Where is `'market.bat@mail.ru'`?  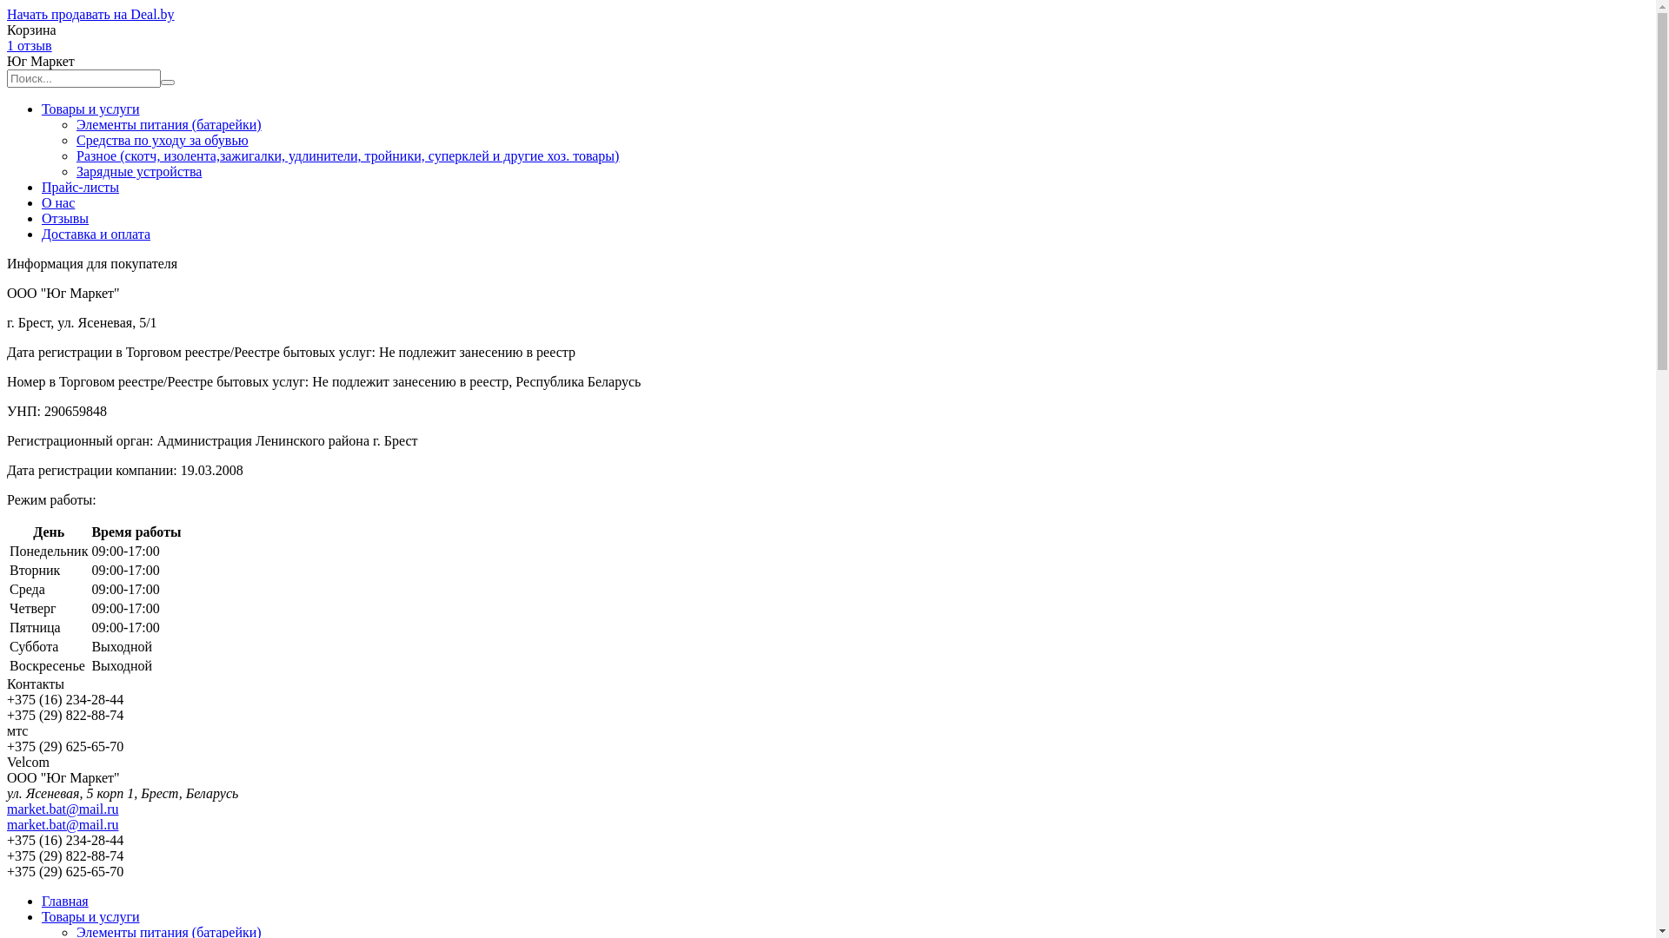 'market.bat@mail.ru' is located at coordinates (63, 823).